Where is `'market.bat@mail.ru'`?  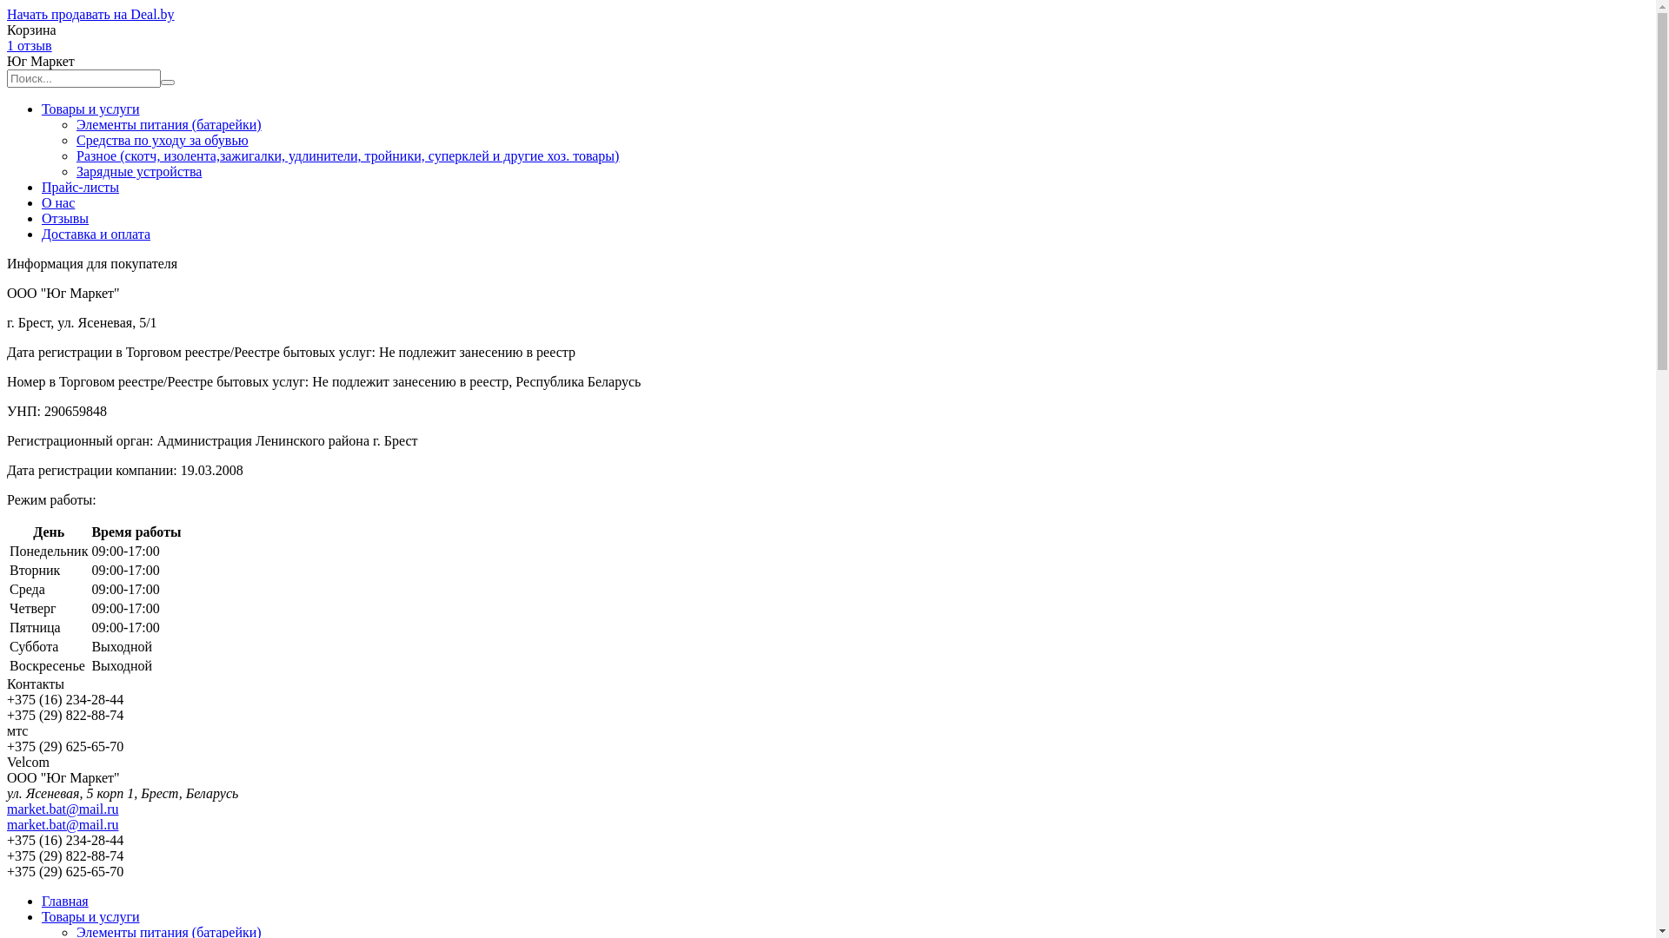 'market.bat@mail.ru' is located at coordinates (63, 823).